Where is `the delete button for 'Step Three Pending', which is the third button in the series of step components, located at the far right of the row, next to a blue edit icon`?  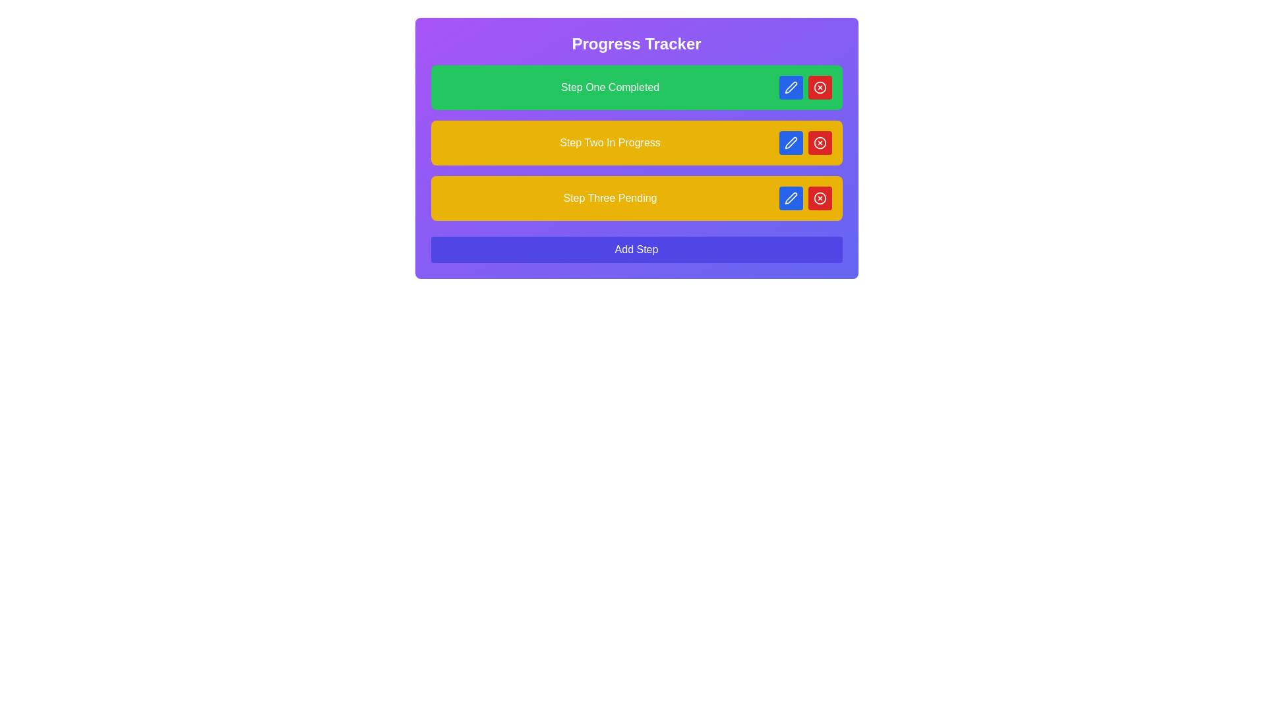
the delete button for 'Step Three Pending', which is the third button in the series of step components, located at the far right of the row, next to a blue edit icon is located at coordinates (819, 198).